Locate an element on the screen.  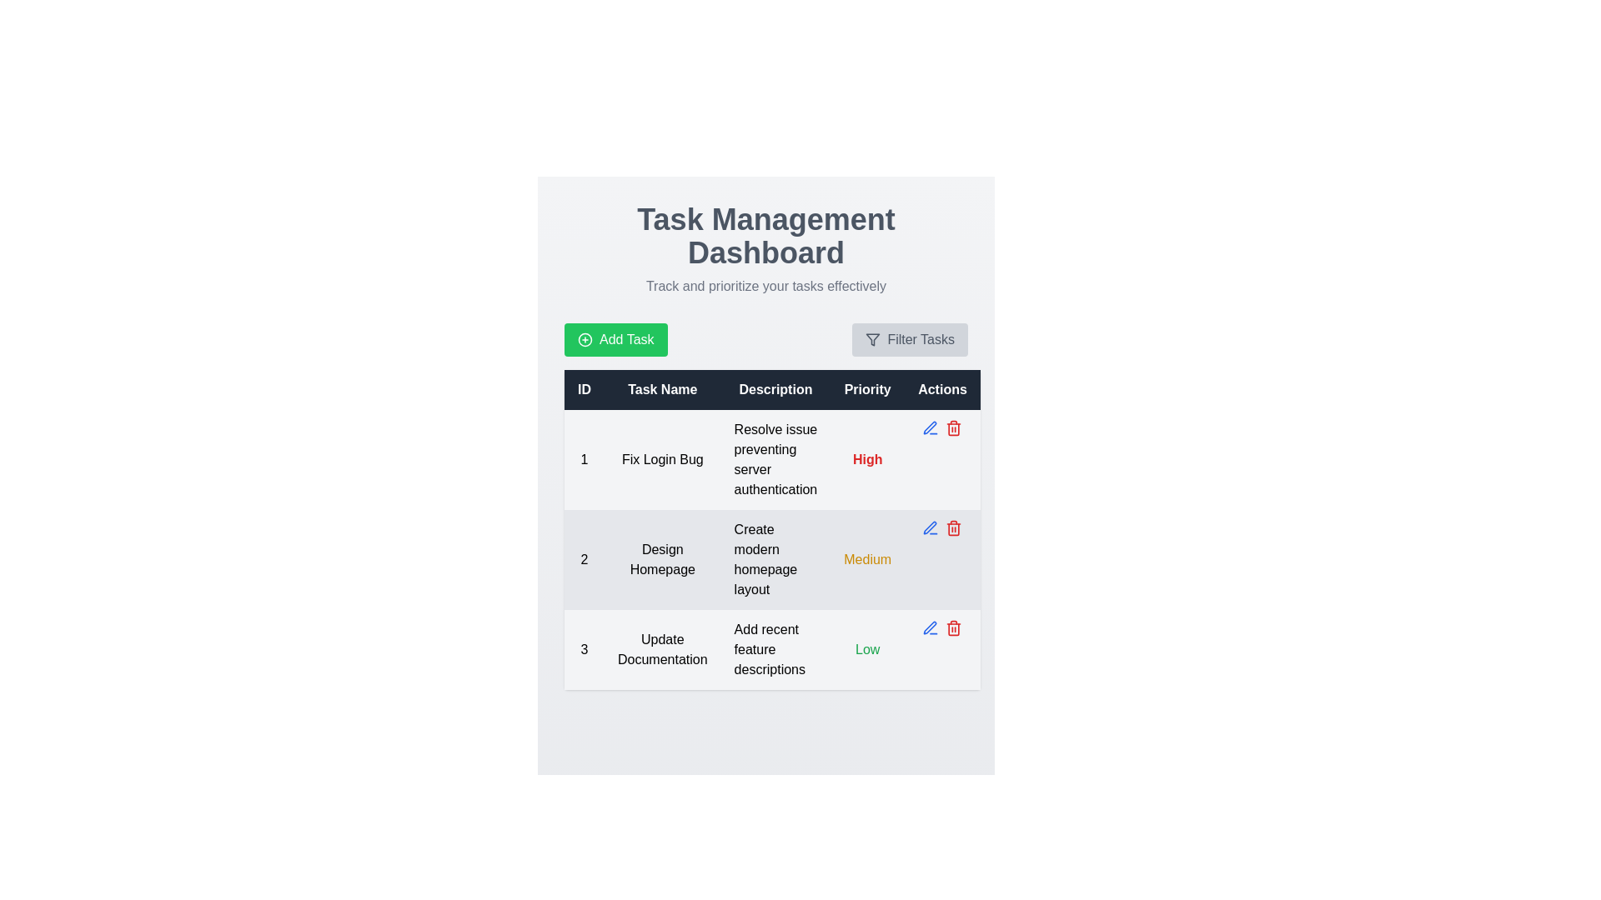
the Icon button in the 'Actions' column of the second row for the 'Design Homepage' task is located at coordinates (930, 527).